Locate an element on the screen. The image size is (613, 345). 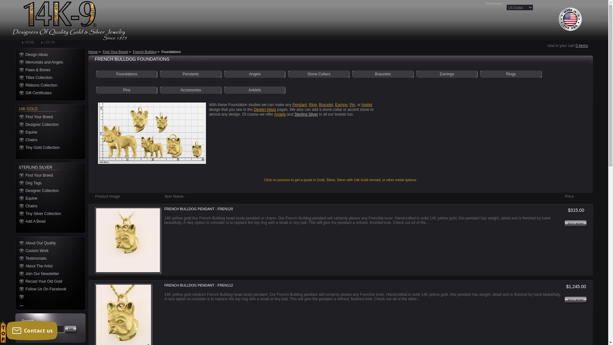
'Bracelets' is located at coordinates (383, 73).